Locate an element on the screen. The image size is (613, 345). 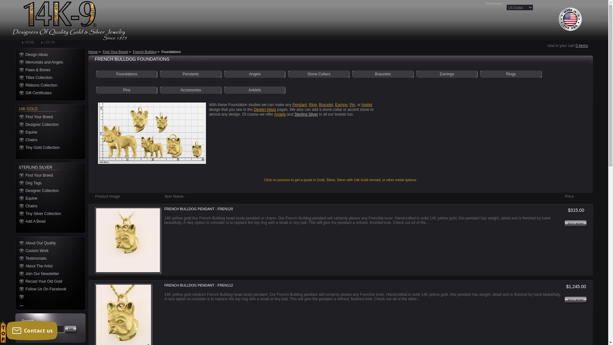
'Bracelets' is located at coordinates (383, 73).